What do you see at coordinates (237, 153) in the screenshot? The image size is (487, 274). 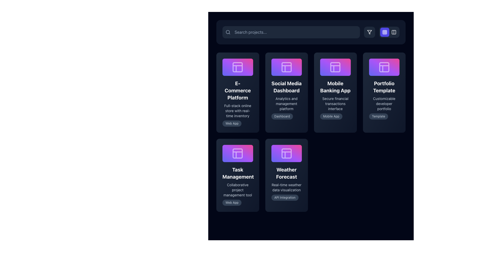 I see `the card header with an icon in the 'Task Management' card, which features a gradient background from indigo to pink and a semi-transparent icon of panels in white strokes` at bounding box center [237, 153].